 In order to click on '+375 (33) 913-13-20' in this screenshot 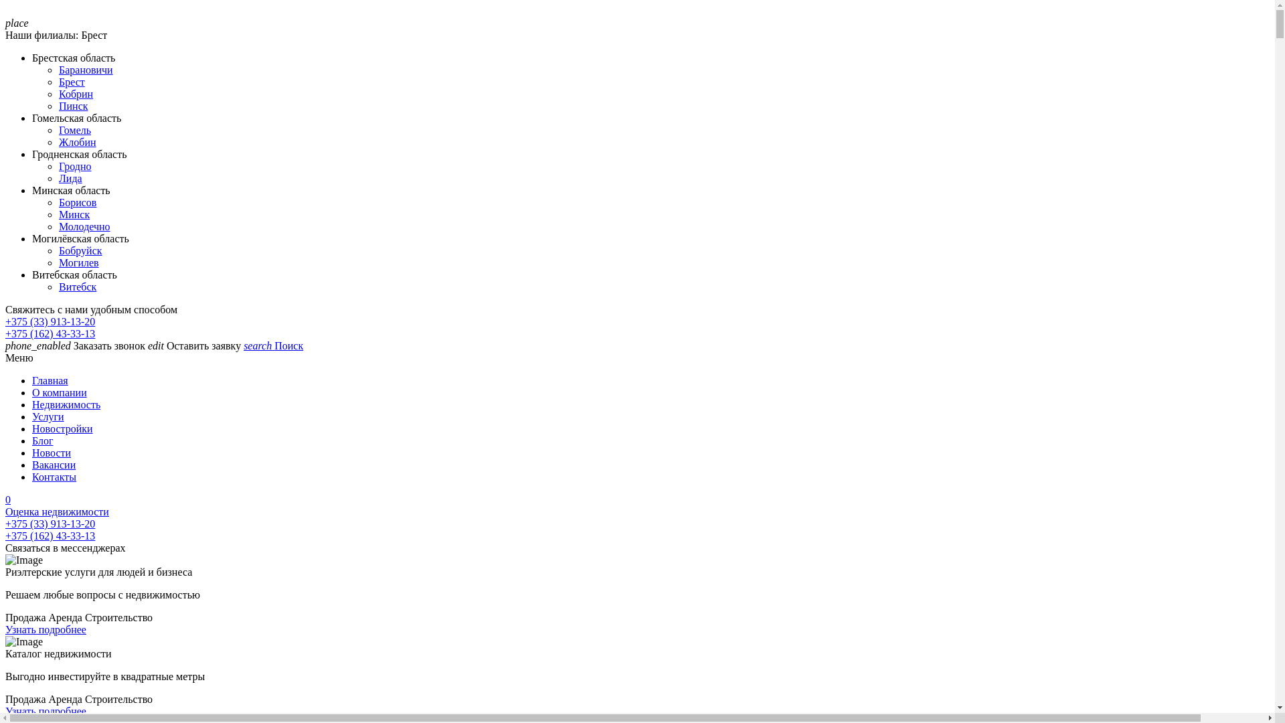, I will do `click(50, 523)`.